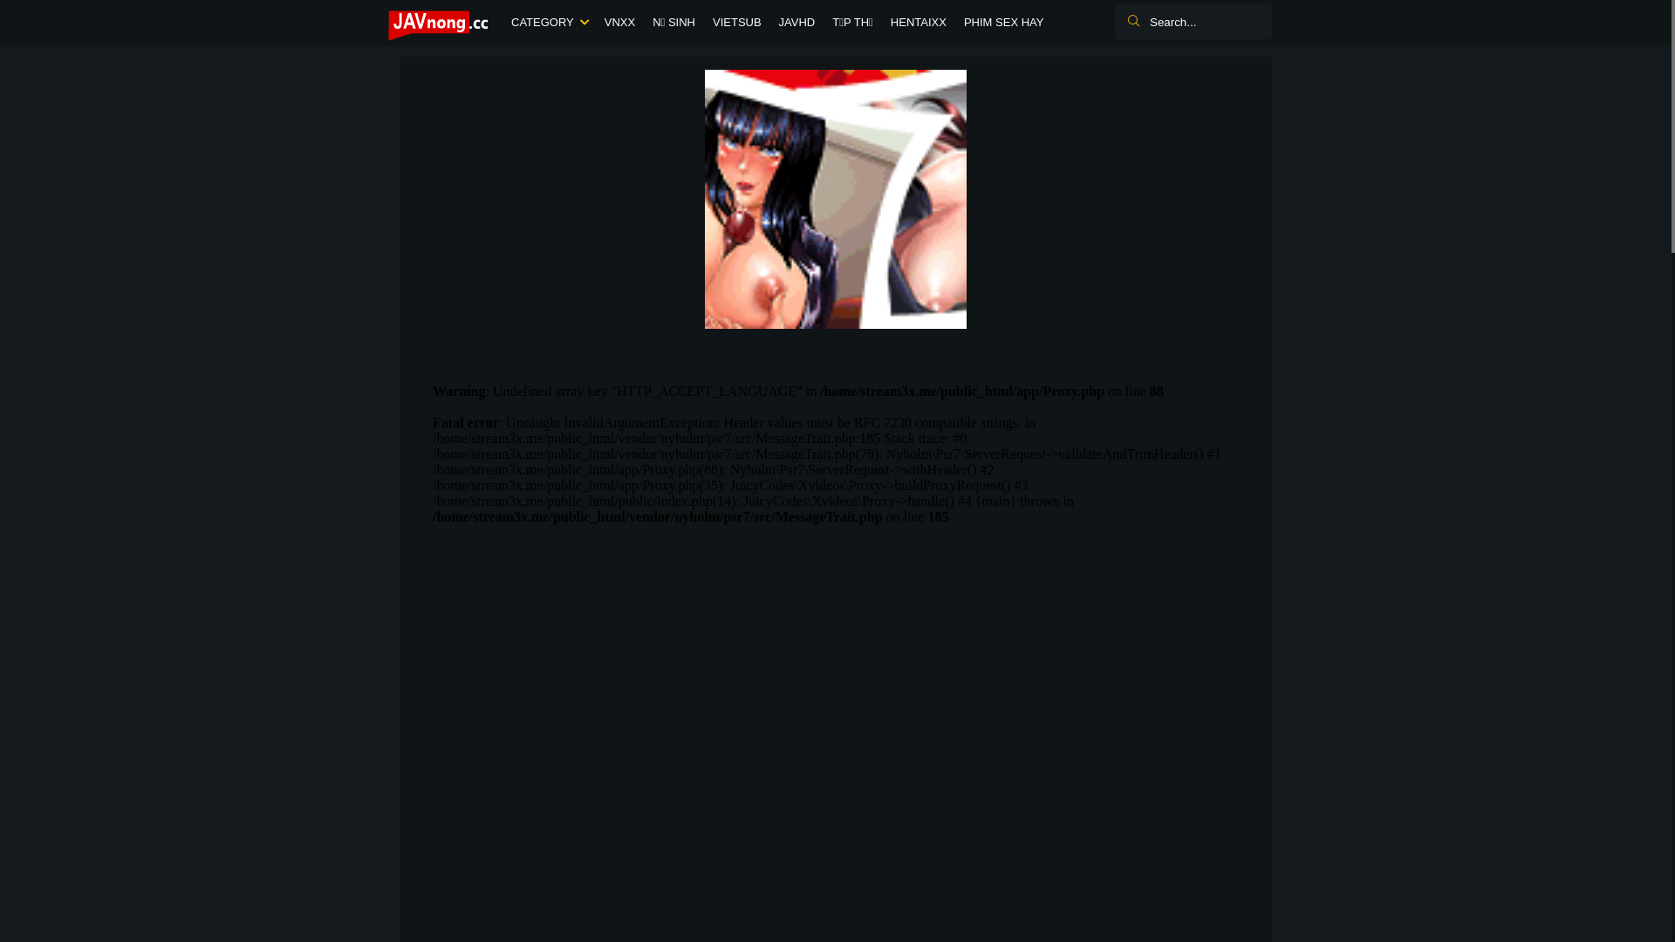  I want to click on 'VIETSUB', so click(736, 23).